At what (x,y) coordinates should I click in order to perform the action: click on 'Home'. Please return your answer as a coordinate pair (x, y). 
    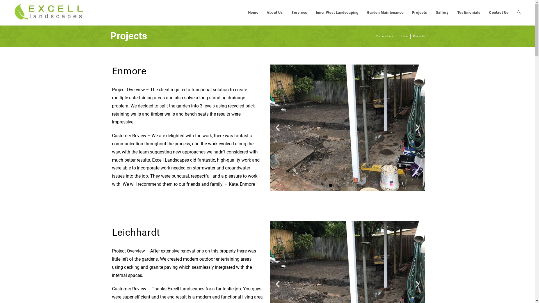
    Looking at the image, I should click on (403, 36).